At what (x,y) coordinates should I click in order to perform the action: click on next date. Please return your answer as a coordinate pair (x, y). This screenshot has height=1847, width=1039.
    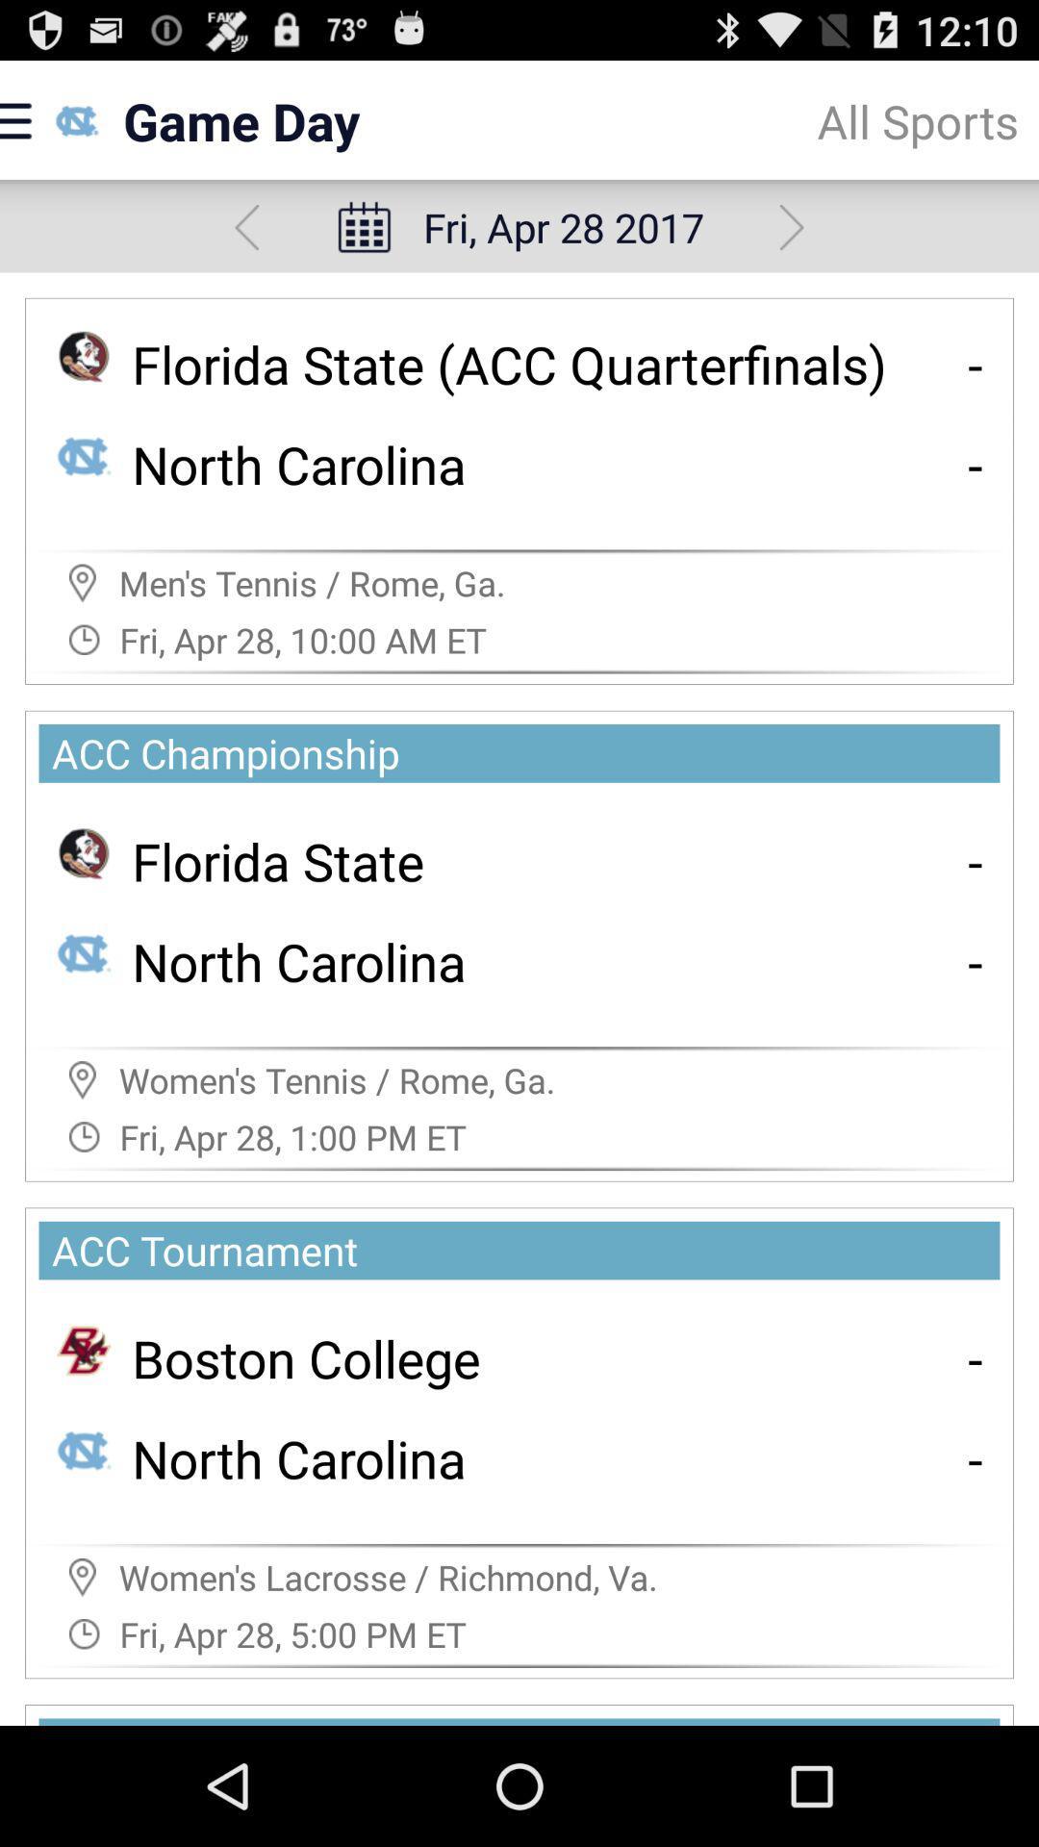
    Looking at the image, I should click on (792, 227).